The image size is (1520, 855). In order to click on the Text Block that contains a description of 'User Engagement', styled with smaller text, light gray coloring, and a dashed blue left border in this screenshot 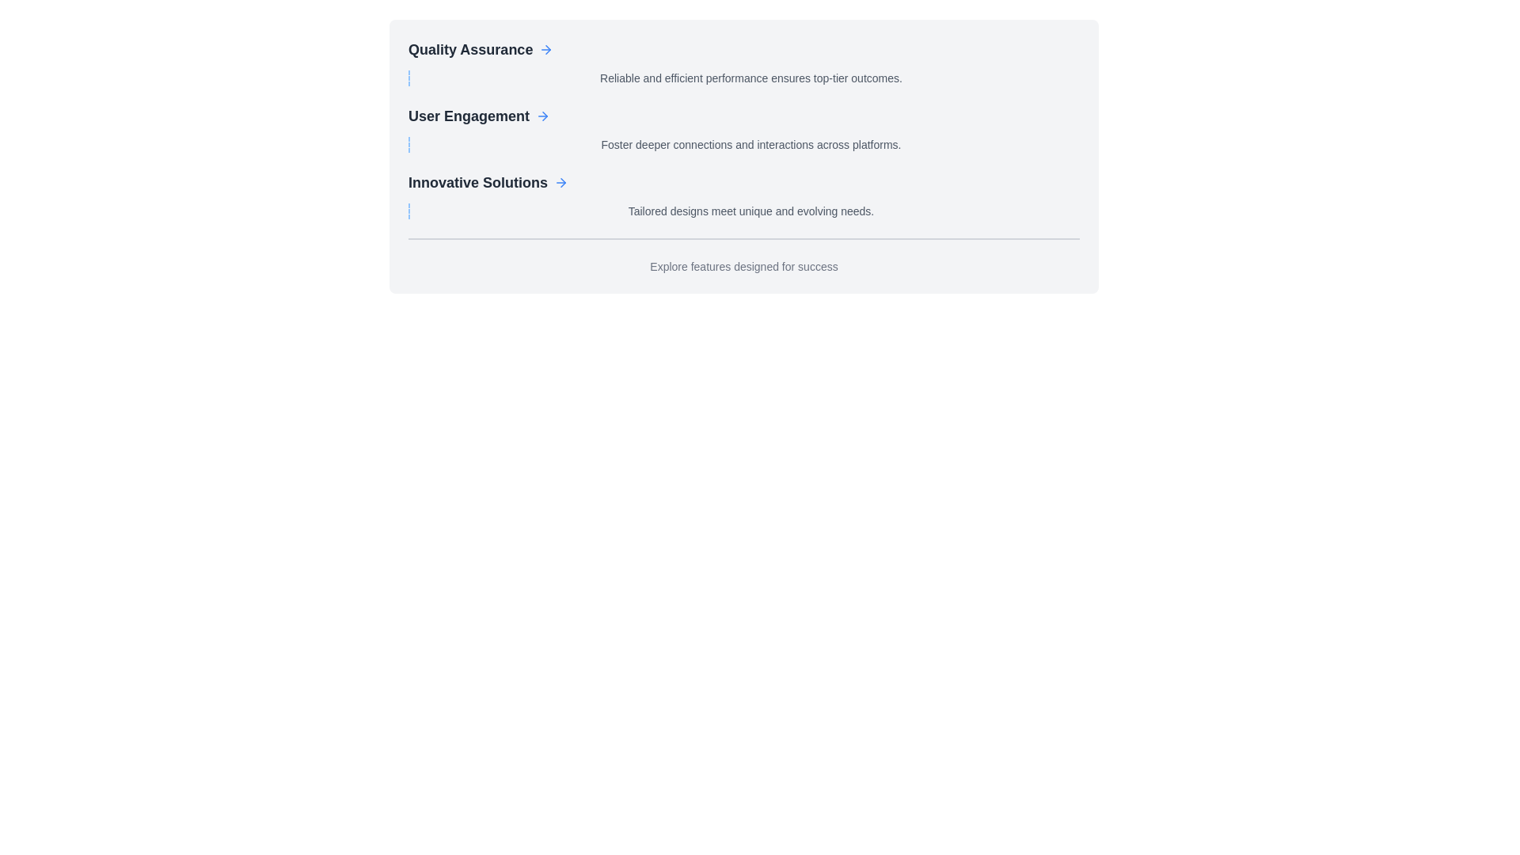, I will do `click(743, 144)`.